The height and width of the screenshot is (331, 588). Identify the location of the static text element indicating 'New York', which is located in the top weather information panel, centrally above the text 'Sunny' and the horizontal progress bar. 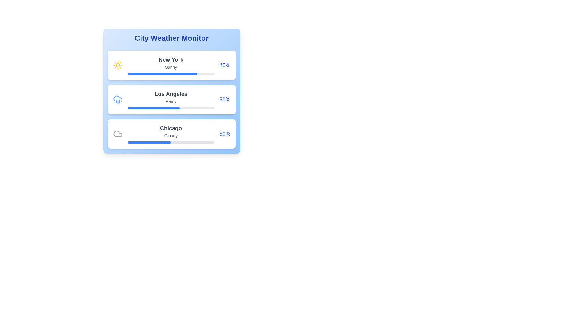
(171, 60).